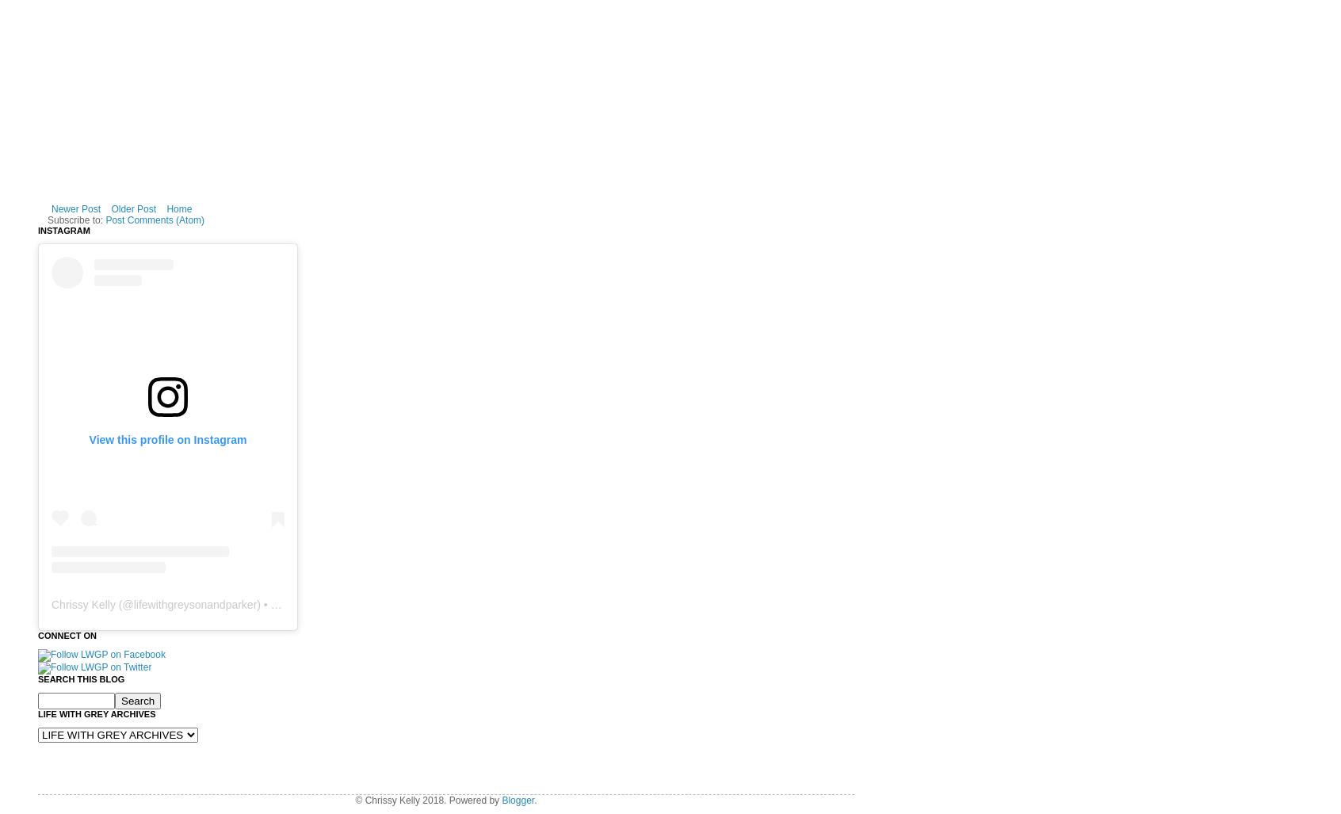 Image resolution: width=1341 pixels, height=814 pixels. I want to click on 'LIFE WITH GREY ARCHIVES', so click(37, 712).